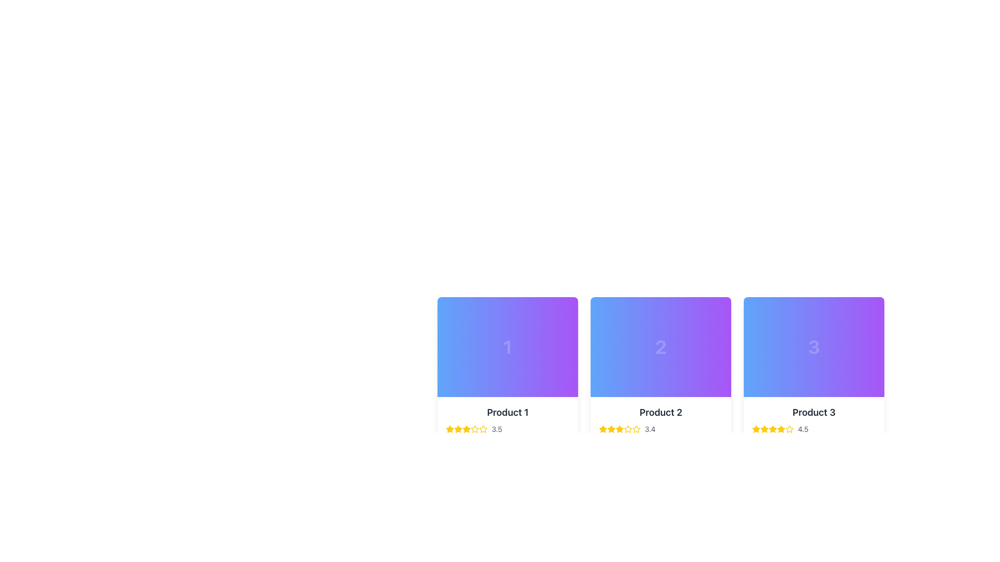 The height and width of the screenshot is (562, 1000). What do you see at coordinates (660, 430) in the screenshot?
I see `the product display panel for 'Product 2'` at bounding box center [660, 430].